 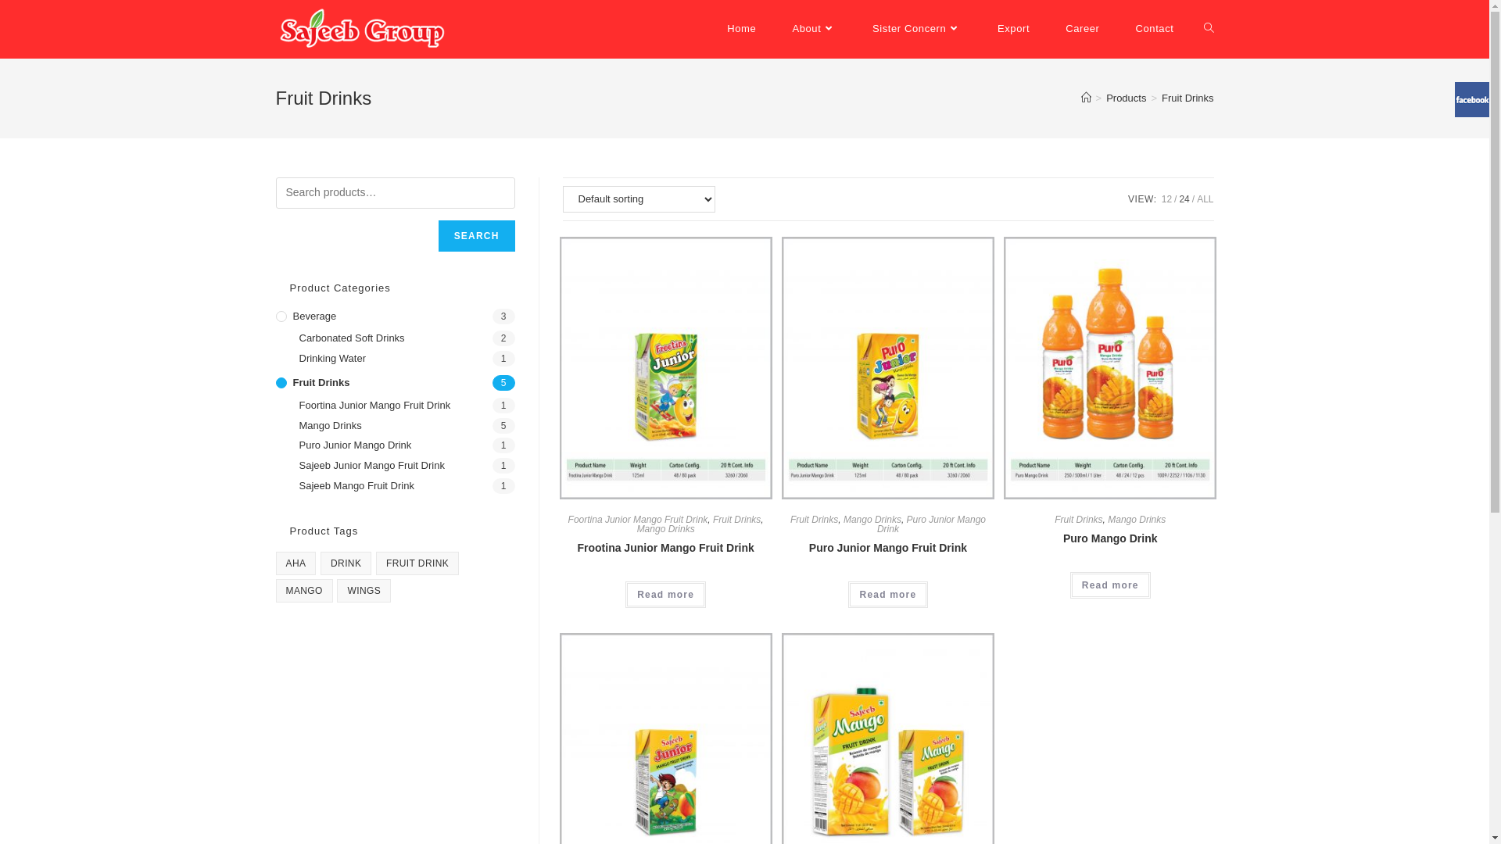 I want to click on '12', so click(x=1162, y=198).